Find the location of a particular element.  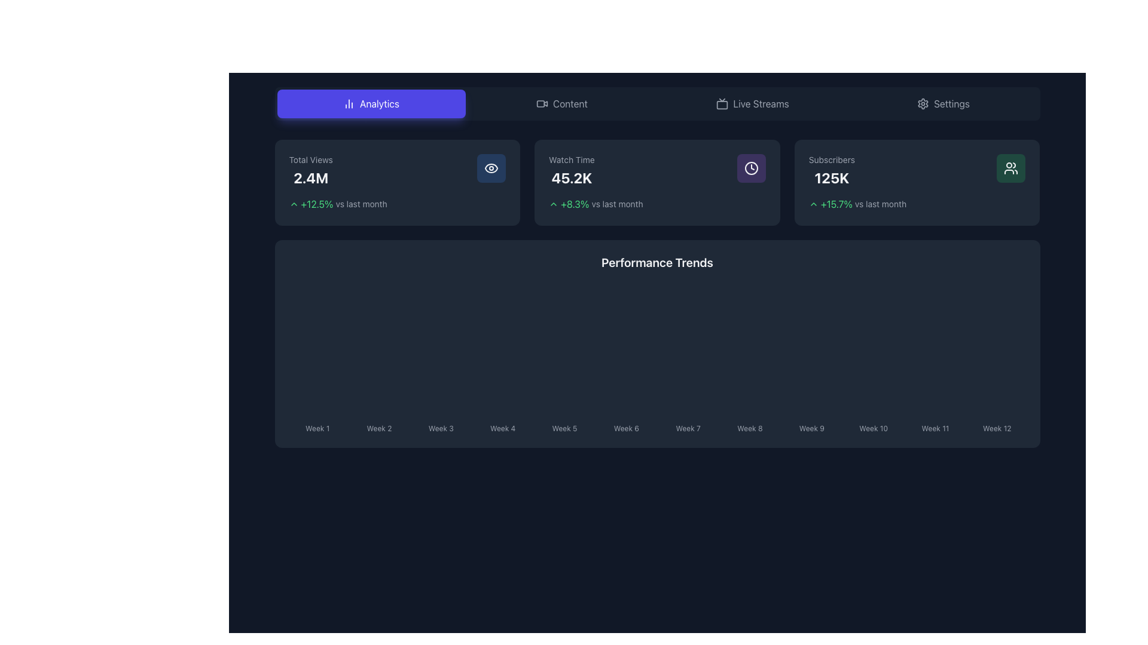

the label reading 'Week 9' which is part of a grid layout under 'Performance Trends' is located at coordinates (811, 425).